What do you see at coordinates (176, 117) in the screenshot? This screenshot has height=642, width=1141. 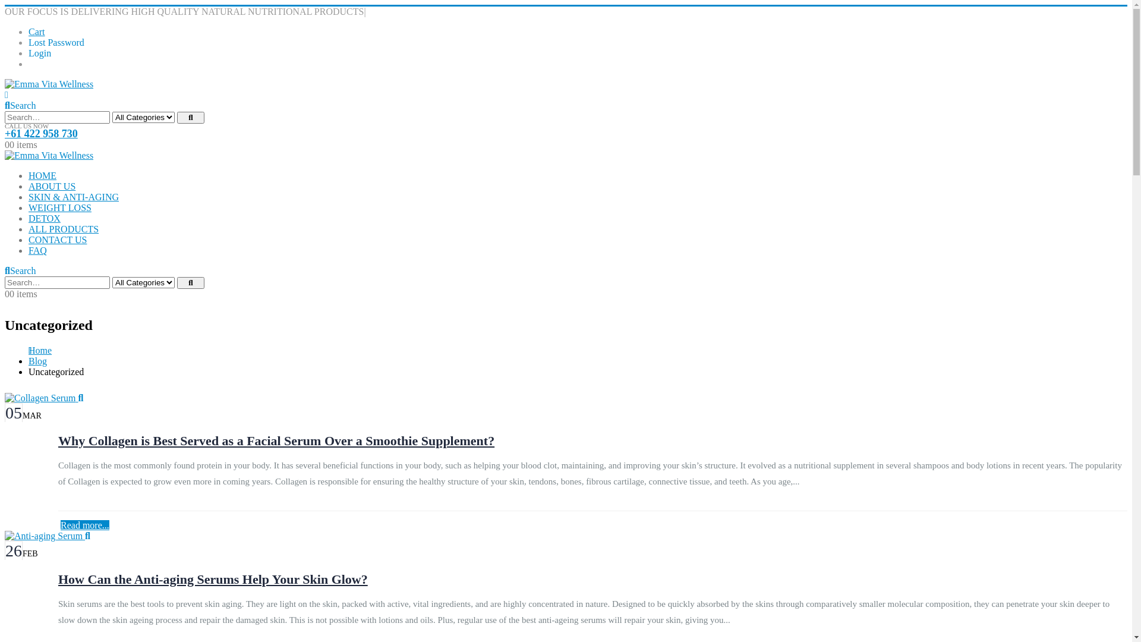 I see `'Search'` at bounding box center [176, 117].